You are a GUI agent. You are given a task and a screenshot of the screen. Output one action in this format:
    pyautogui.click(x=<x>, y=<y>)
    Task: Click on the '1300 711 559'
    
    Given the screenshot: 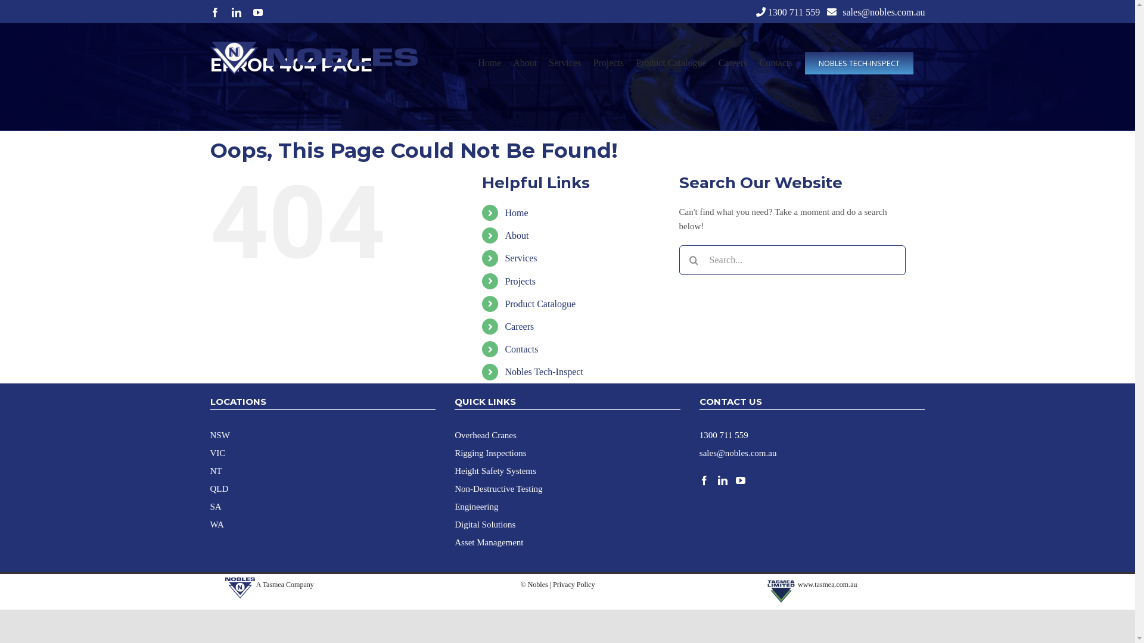 What is the action you would take?
    pyautogui.click(x=723, y=434)
    